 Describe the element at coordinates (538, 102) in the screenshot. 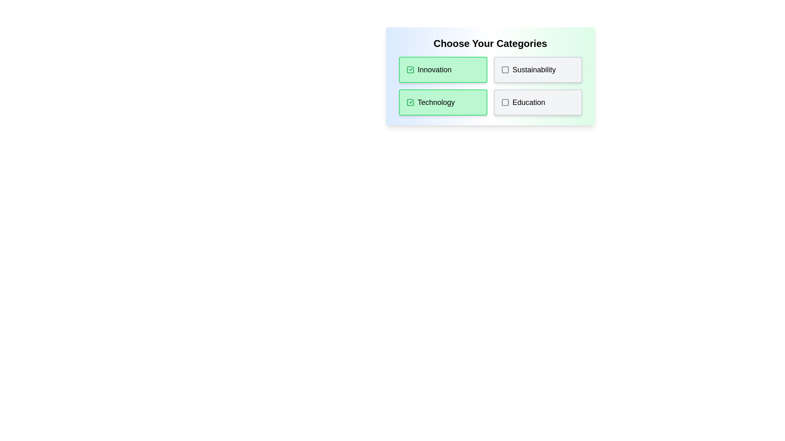

I see `the tag Education` at that location.